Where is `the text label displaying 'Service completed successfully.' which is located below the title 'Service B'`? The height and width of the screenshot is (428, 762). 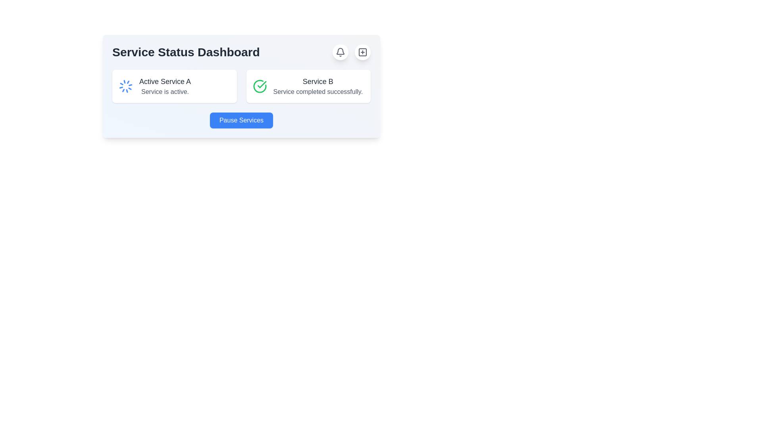 the text label displaying 'Service completed successfully.' which is located below the title 'Service B' is located at coordinates (318, 91).